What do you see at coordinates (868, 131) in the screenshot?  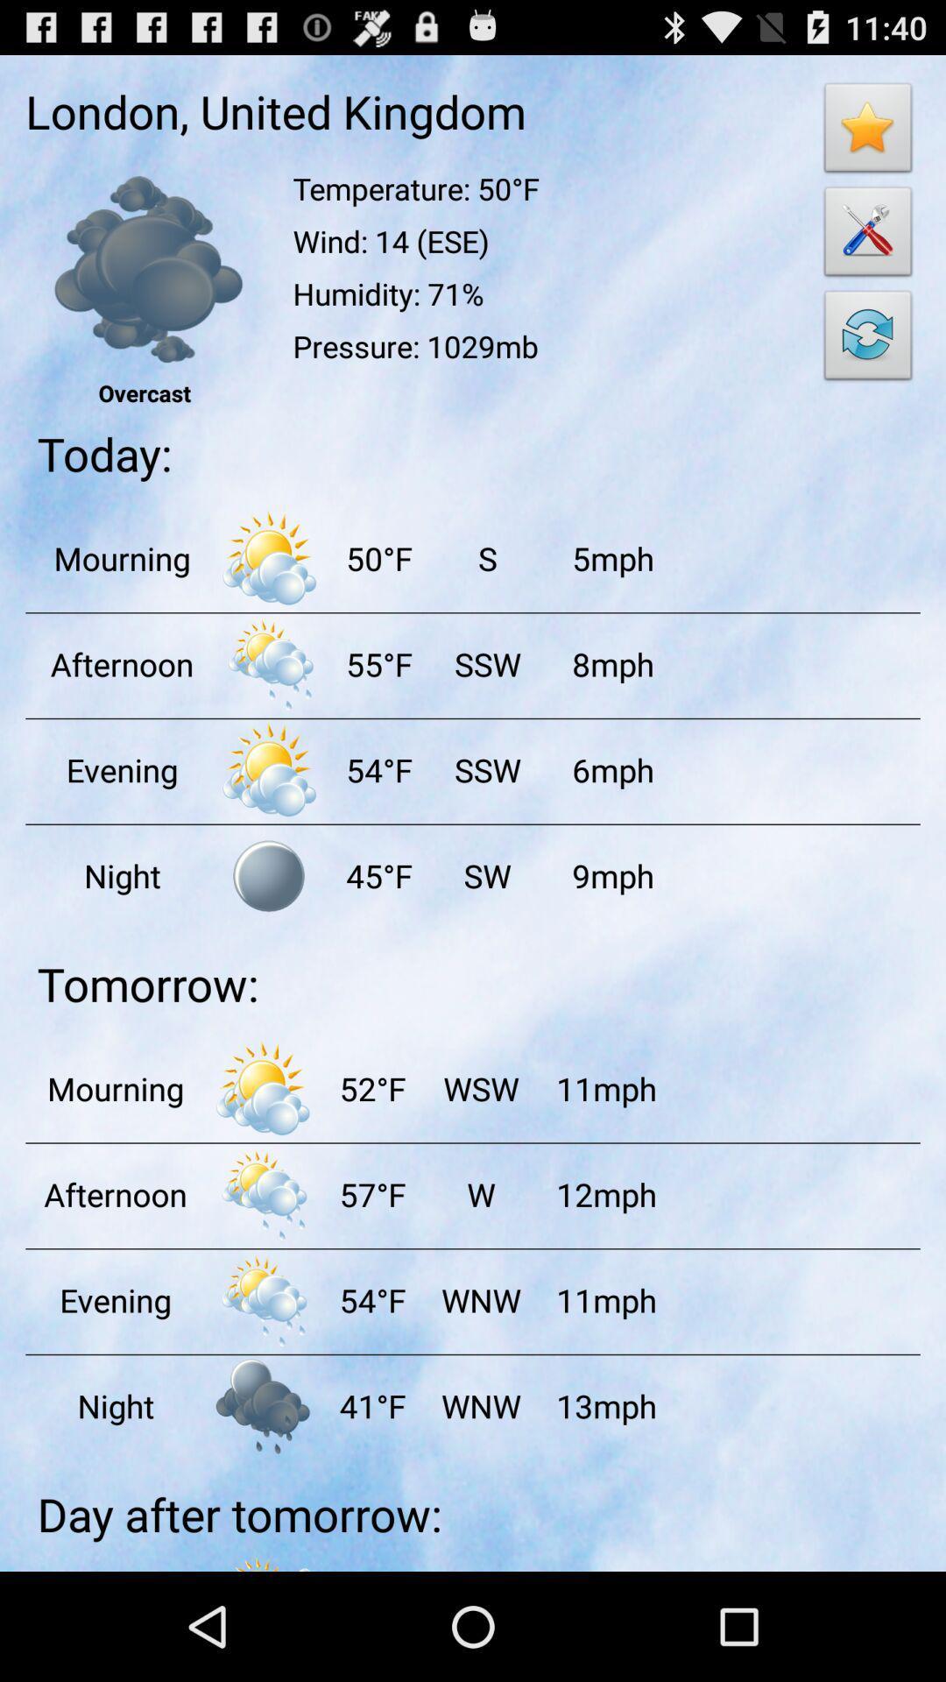 I see `star rating` at bounding box center [868, 131].